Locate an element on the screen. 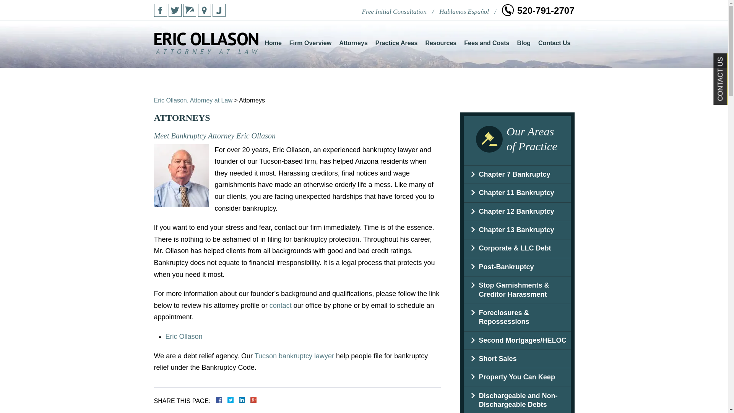  'Blog' is located at coordinates (523, 43).